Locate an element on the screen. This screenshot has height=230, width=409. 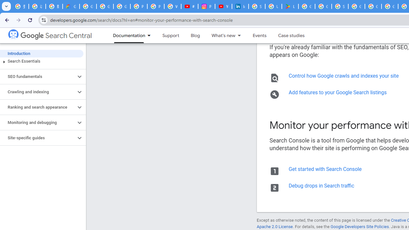
'Blog' is located at coordinates (195, 35).